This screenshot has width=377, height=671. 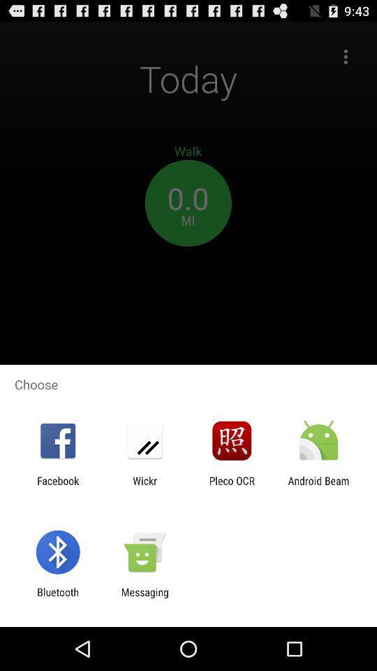 What do you see at coordinates (232, 486) in the screenshot?
I see `the app next to the android beam app` at bounding box center [232, 486].